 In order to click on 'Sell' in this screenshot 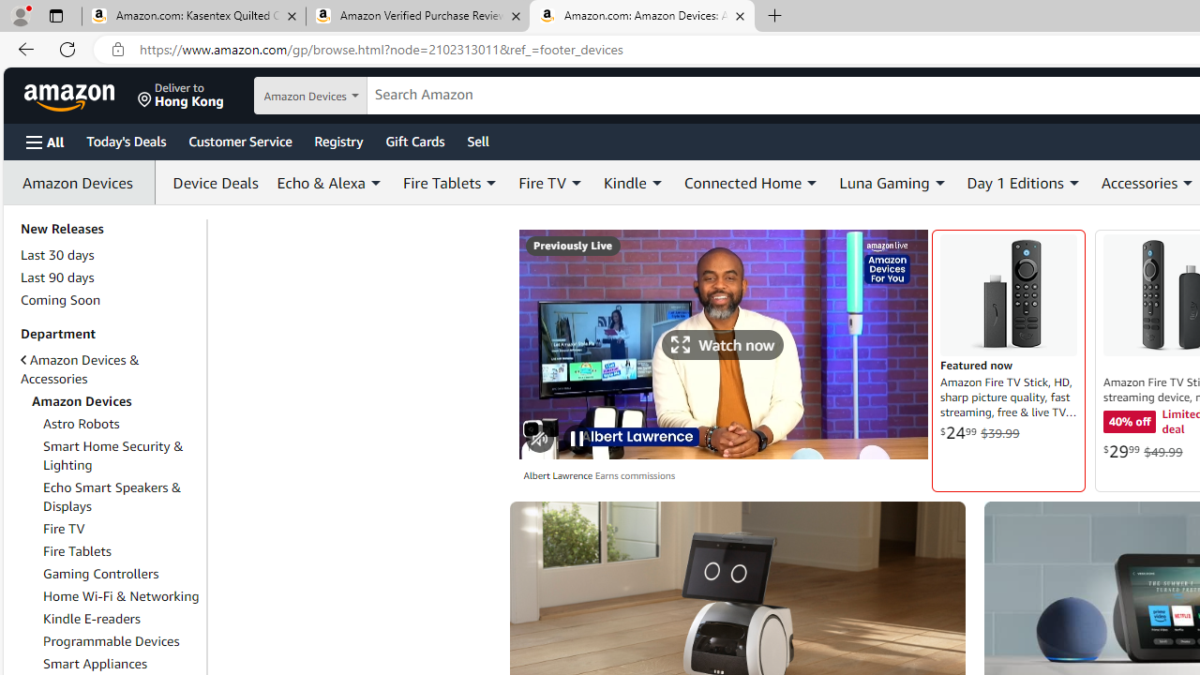, I will do `click(478, 140)`.